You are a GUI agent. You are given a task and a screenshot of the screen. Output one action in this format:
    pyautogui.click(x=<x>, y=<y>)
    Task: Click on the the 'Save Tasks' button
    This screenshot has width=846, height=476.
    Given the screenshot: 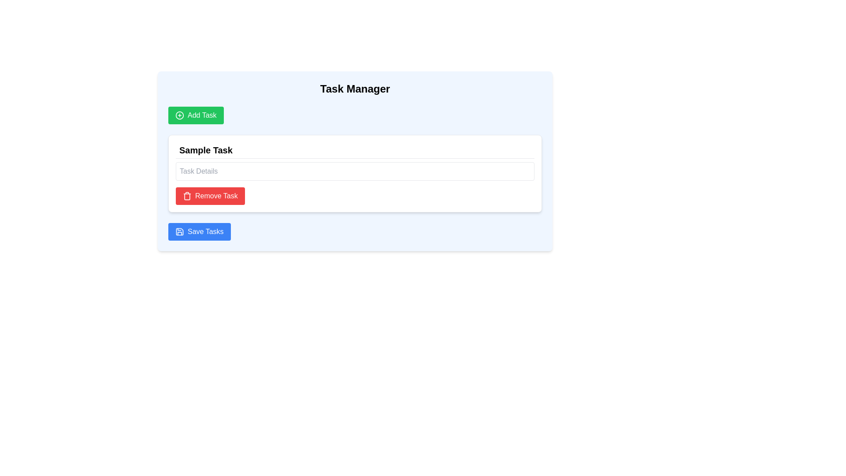 What is the action you would take?
    pyautogui.click(x=205, y=231)
    